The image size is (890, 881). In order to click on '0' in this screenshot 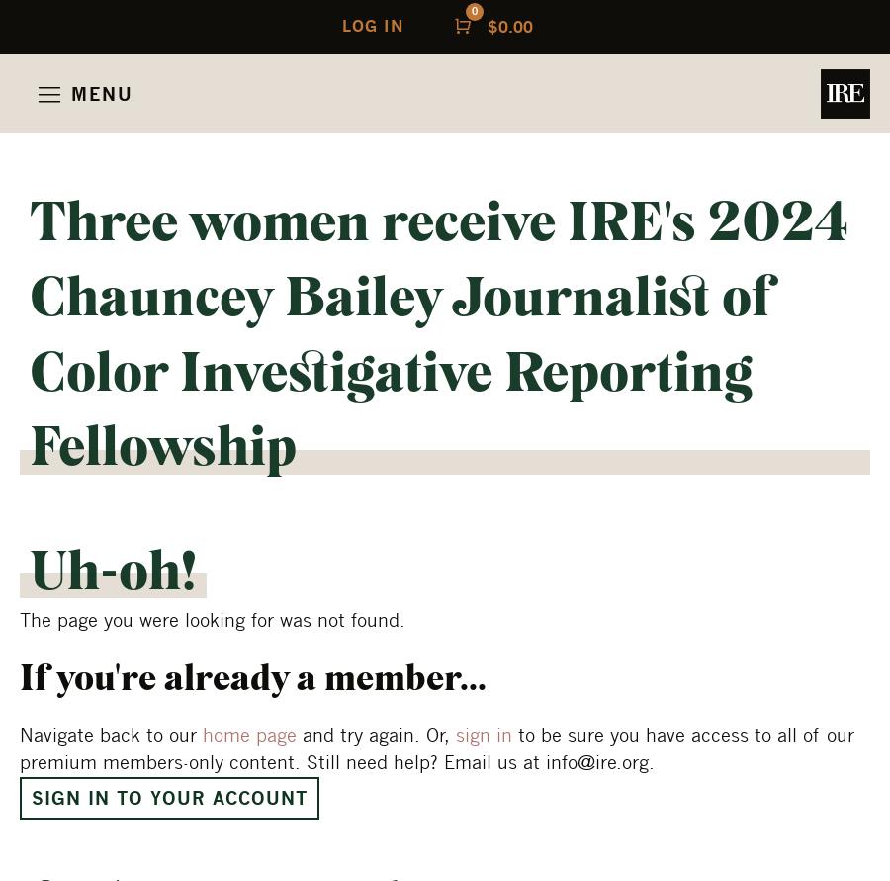, I will do `click(471, 10)`.